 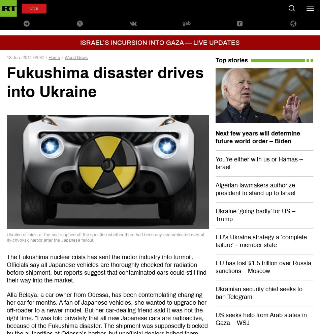 What do you see at coordinates (105, 82) in the screenshot?
I see `'Fukushima disaster drives into Ukraine'` at bounding box center [105, 82].